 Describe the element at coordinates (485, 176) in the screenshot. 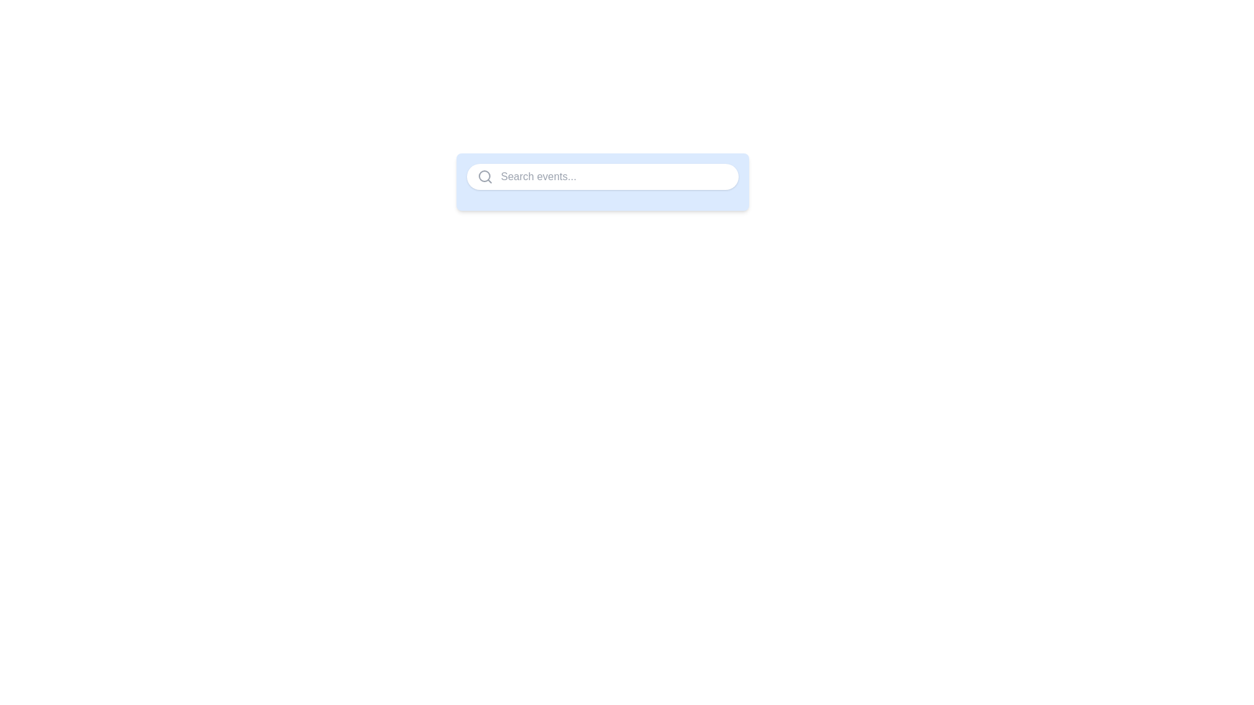

I see `the gray magnifying glass icon representing the search button located at the far left of the search bar` at that location.